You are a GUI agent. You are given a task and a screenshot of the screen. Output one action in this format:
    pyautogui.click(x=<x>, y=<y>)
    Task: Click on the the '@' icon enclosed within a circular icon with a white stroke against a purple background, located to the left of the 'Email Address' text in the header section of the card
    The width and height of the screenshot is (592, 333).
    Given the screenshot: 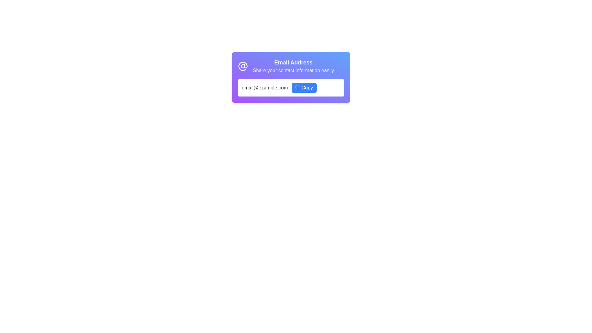 What is the action you would take?
    pyautogui.click(x=242, y=66)
    